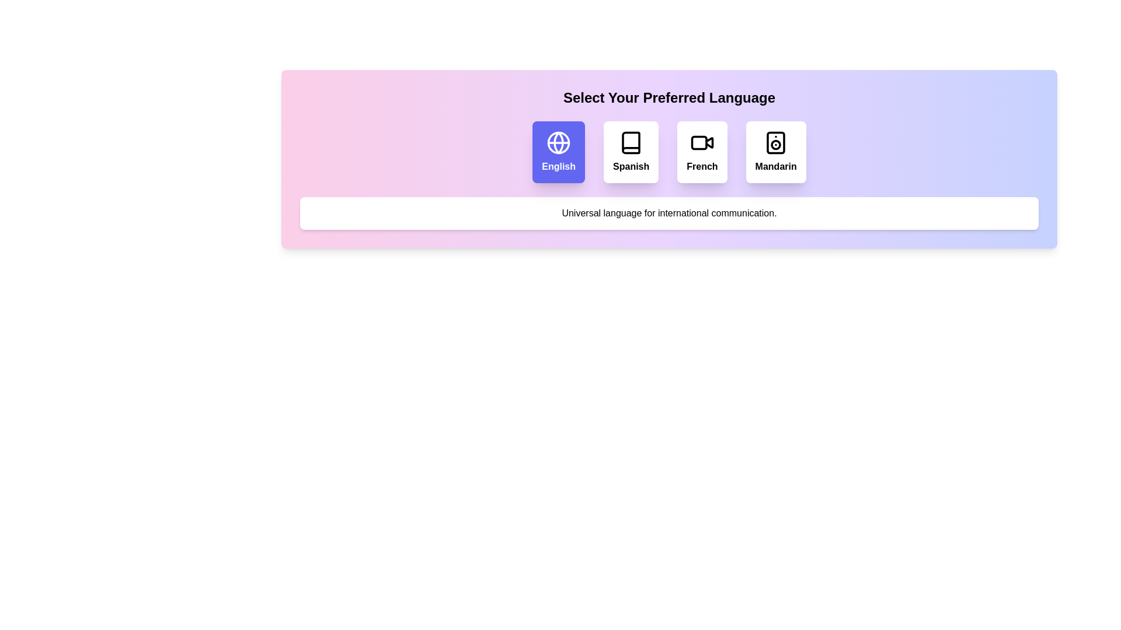  Describe the element at coordinates (558, 152) in the screenshot. I see `the language button corresponding to English` at that location.